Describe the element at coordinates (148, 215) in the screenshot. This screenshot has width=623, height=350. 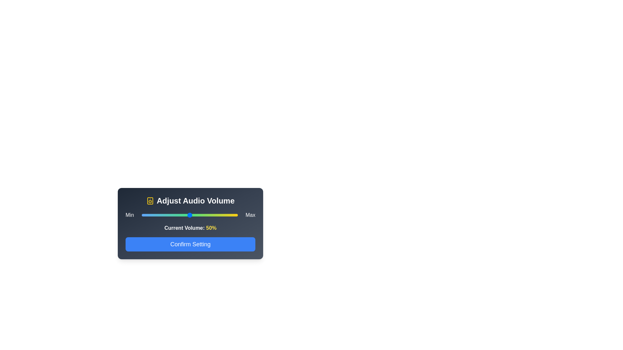
I see `the volume slider to 7%` at that location.